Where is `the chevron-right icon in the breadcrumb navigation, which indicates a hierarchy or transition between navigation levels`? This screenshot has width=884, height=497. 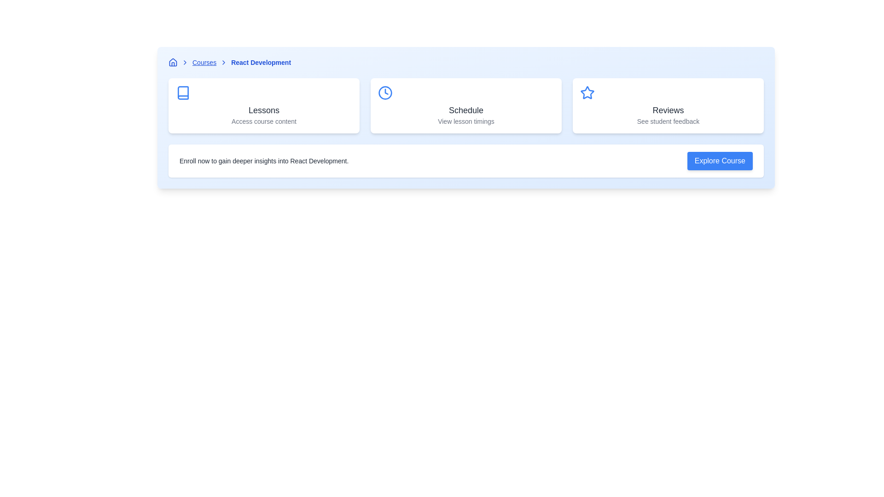 the chevron-right icon in the breadcrumb navigation, which indicates a hierarchy or transition between navigation levels is located at coordinates (185, 62).